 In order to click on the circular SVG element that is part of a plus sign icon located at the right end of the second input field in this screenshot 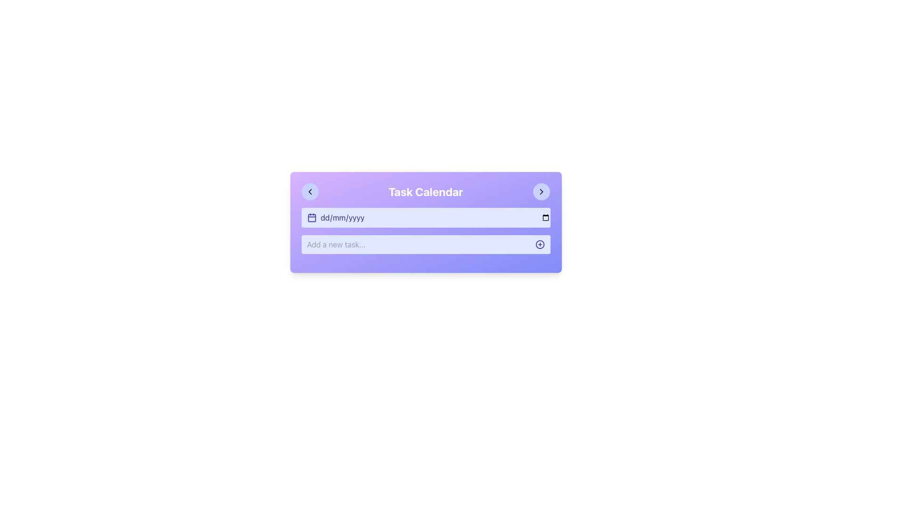, I will do `click(540, 244)`.